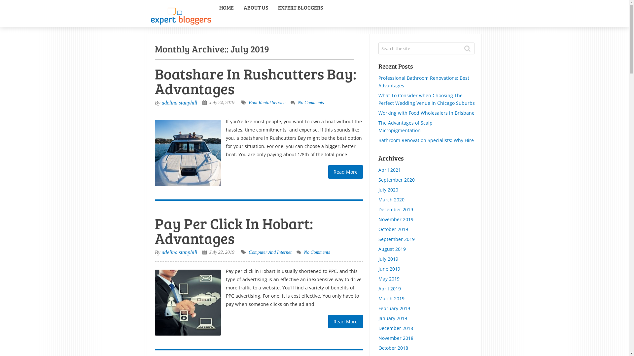 The width and height of the screenshot is (634, 356). Describe the element at coordinates (391, 298) in the screenshot. I see `'March 2019'` at that location.